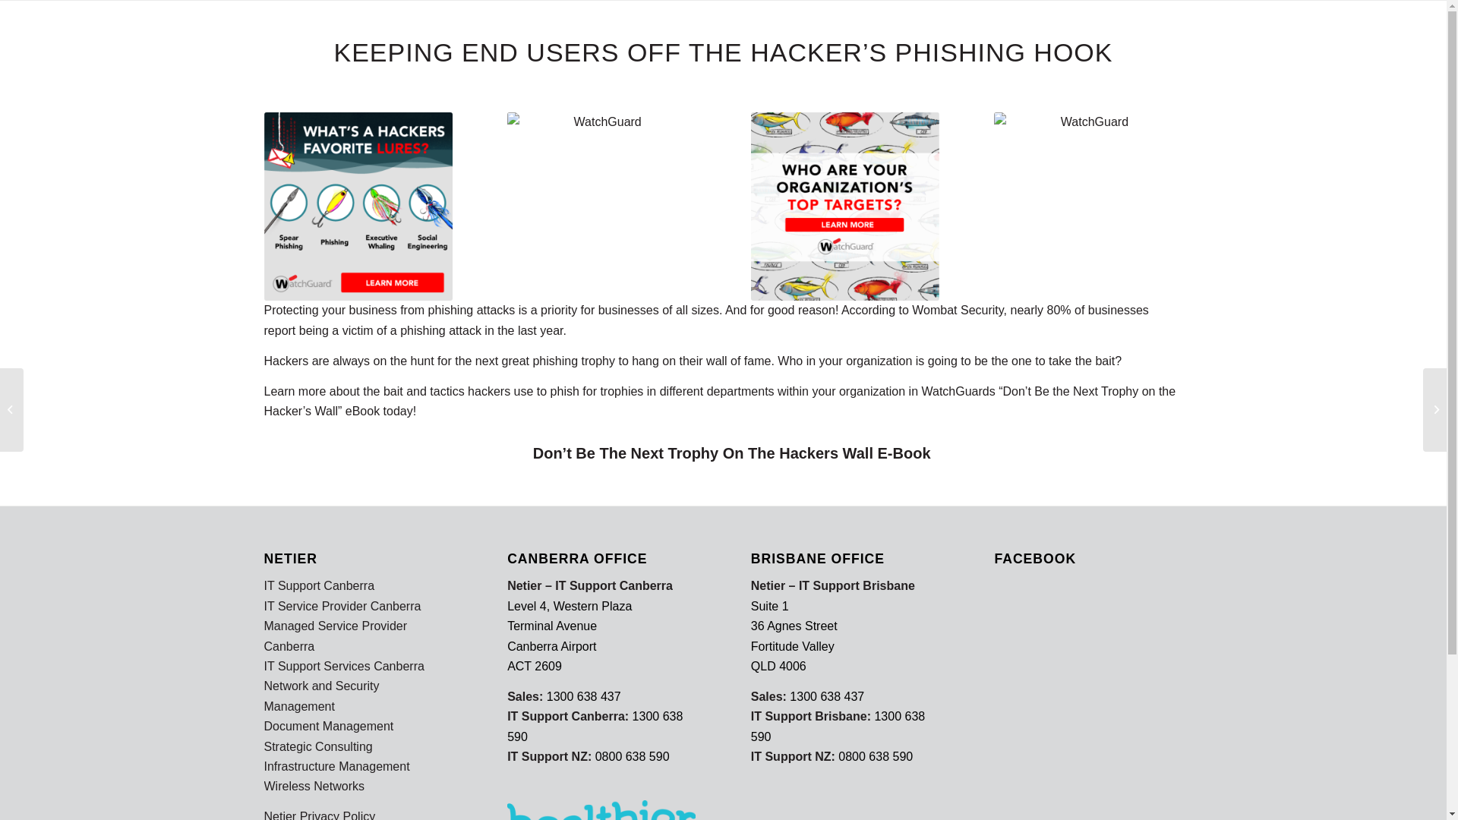 This screenshot has width=1458, height=820. Describe the element at coordinates (336, 766) in the screenshot. I see `'Infrastructure Management'` at that location.